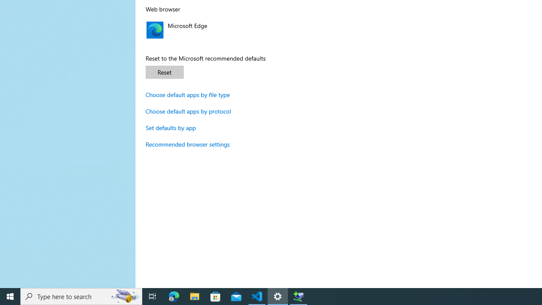 This screenshot has width=542, height=305. I want to click on 'Reset', so click(165, 72).